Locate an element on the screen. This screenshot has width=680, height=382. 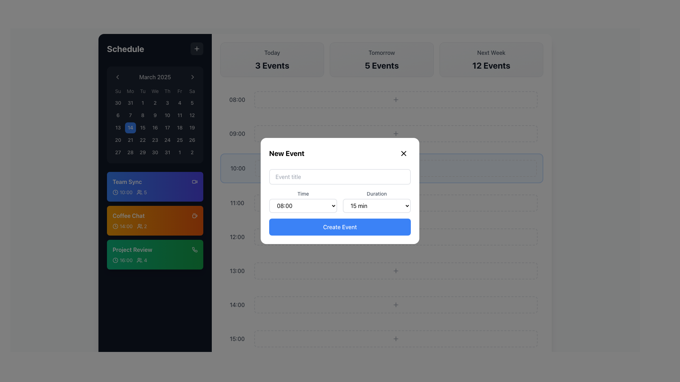
the details from the Information display component located centrally in the lower half of the green block labeled 'Project Review' under the agenda section is located at coordinates (154, 260).